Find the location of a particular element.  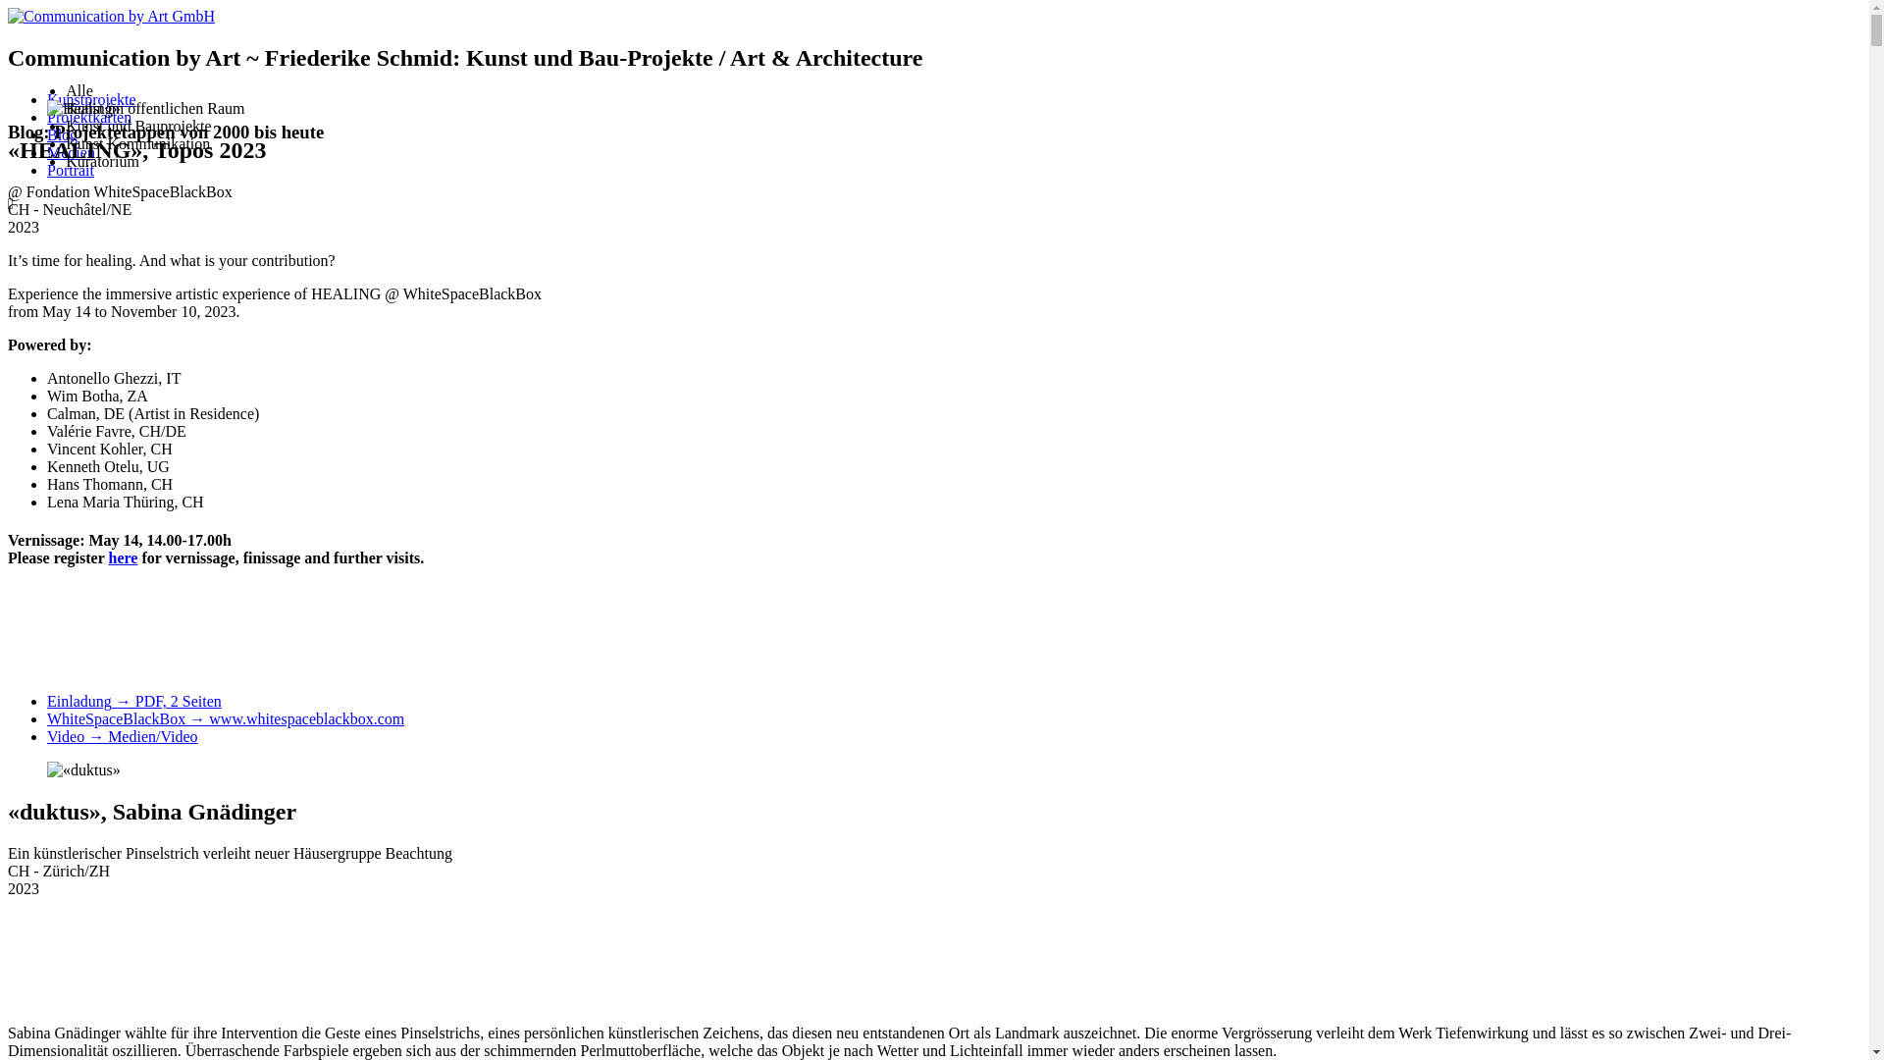

'here' is located at coordinates (121, 557).